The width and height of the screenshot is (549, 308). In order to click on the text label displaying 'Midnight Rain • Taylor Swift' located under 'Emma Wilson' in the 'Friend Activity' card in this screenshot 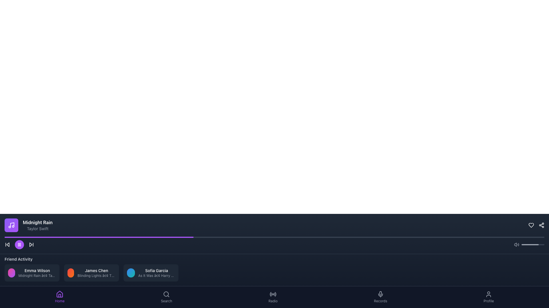, I will do `click(37, 275)`.